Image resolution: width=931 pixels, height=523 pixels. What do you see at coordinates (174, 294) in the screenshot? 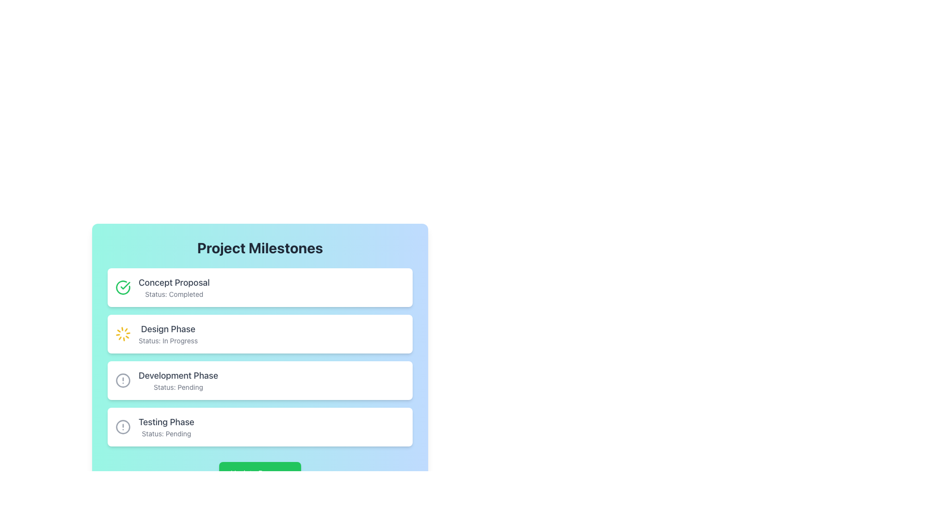
I see `the text label displaying 'Status: Completed', which is styled in small, gray text and located directly below the header 'Concept Proposal' in the first milestone item` at bounding box center [174, 294].